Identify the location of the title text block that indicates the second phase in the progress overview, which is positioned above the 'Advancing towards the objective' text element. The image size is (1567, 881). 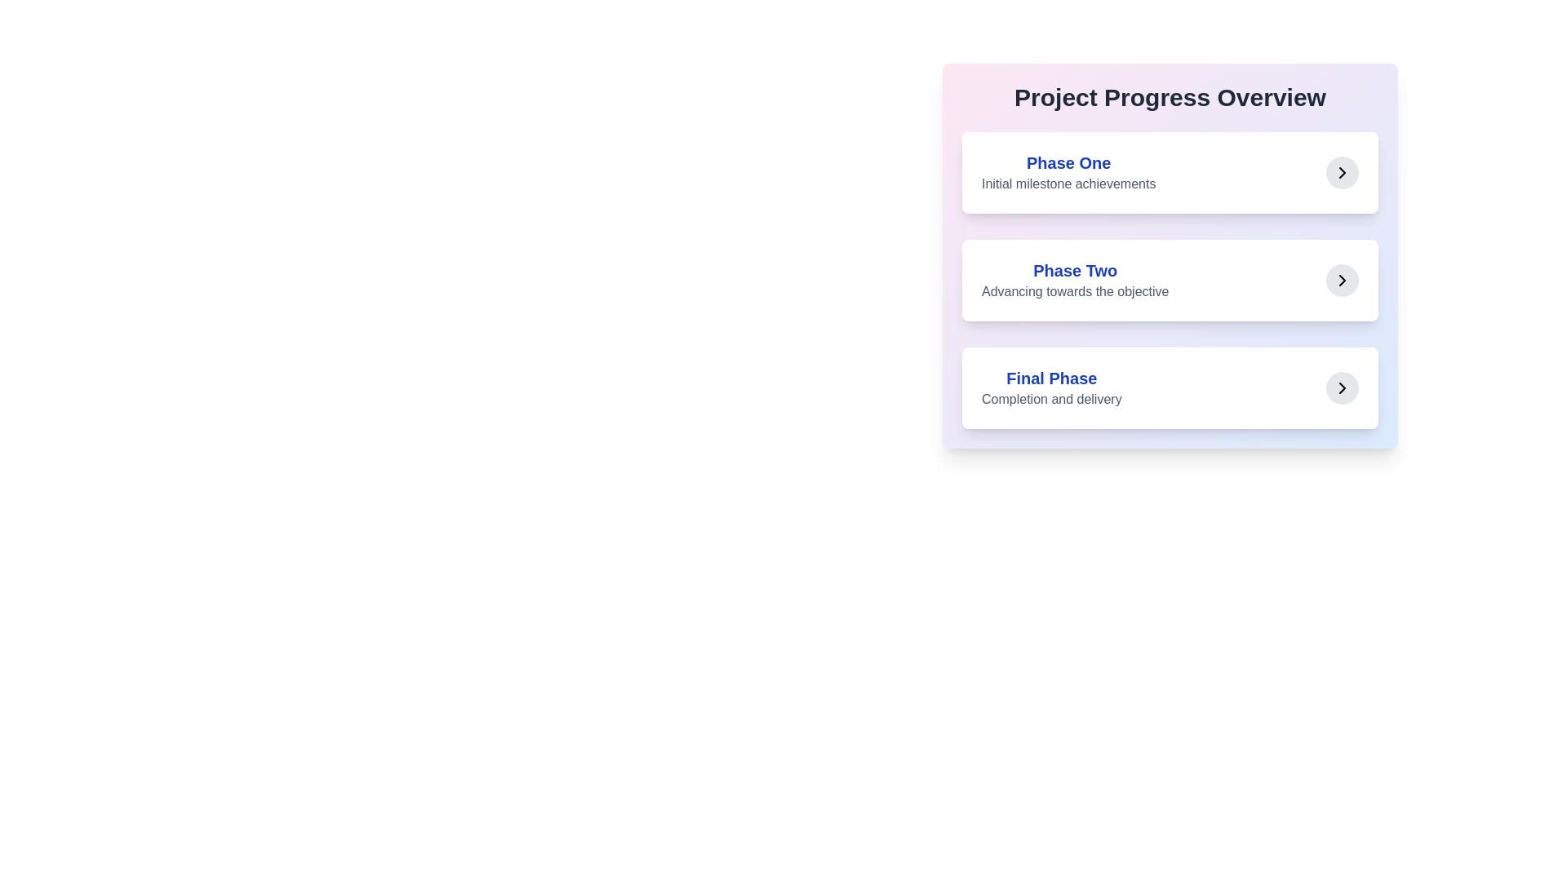
(1075, 269).